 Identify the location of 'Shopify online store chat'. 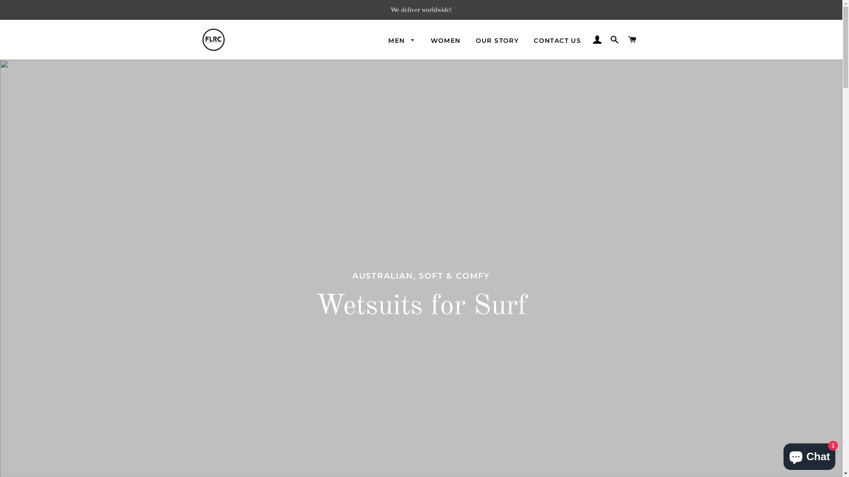
(781, 454).